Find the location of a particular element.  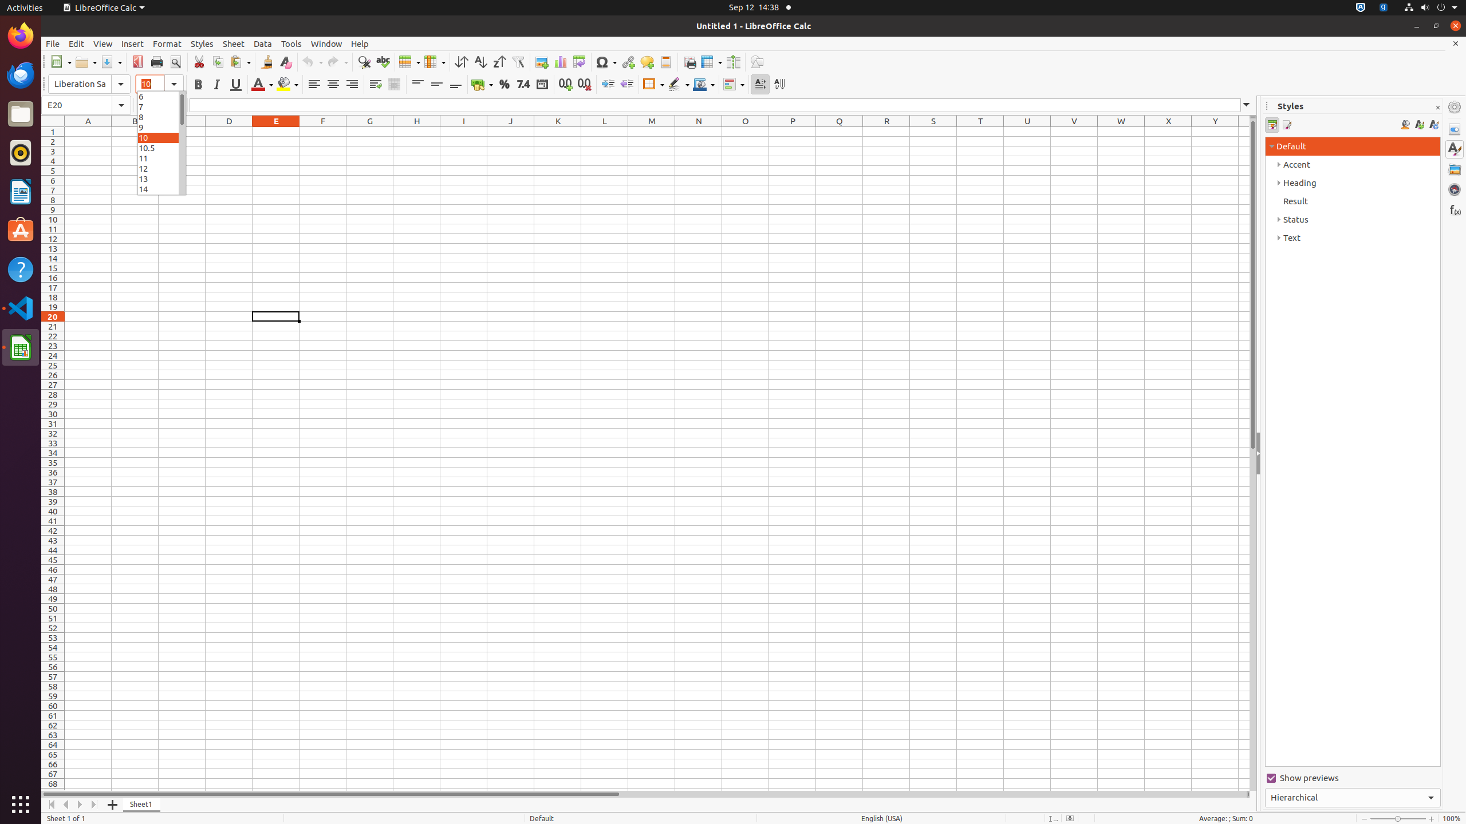

'Text direction from left to right' is located at coordinates (759, 84).